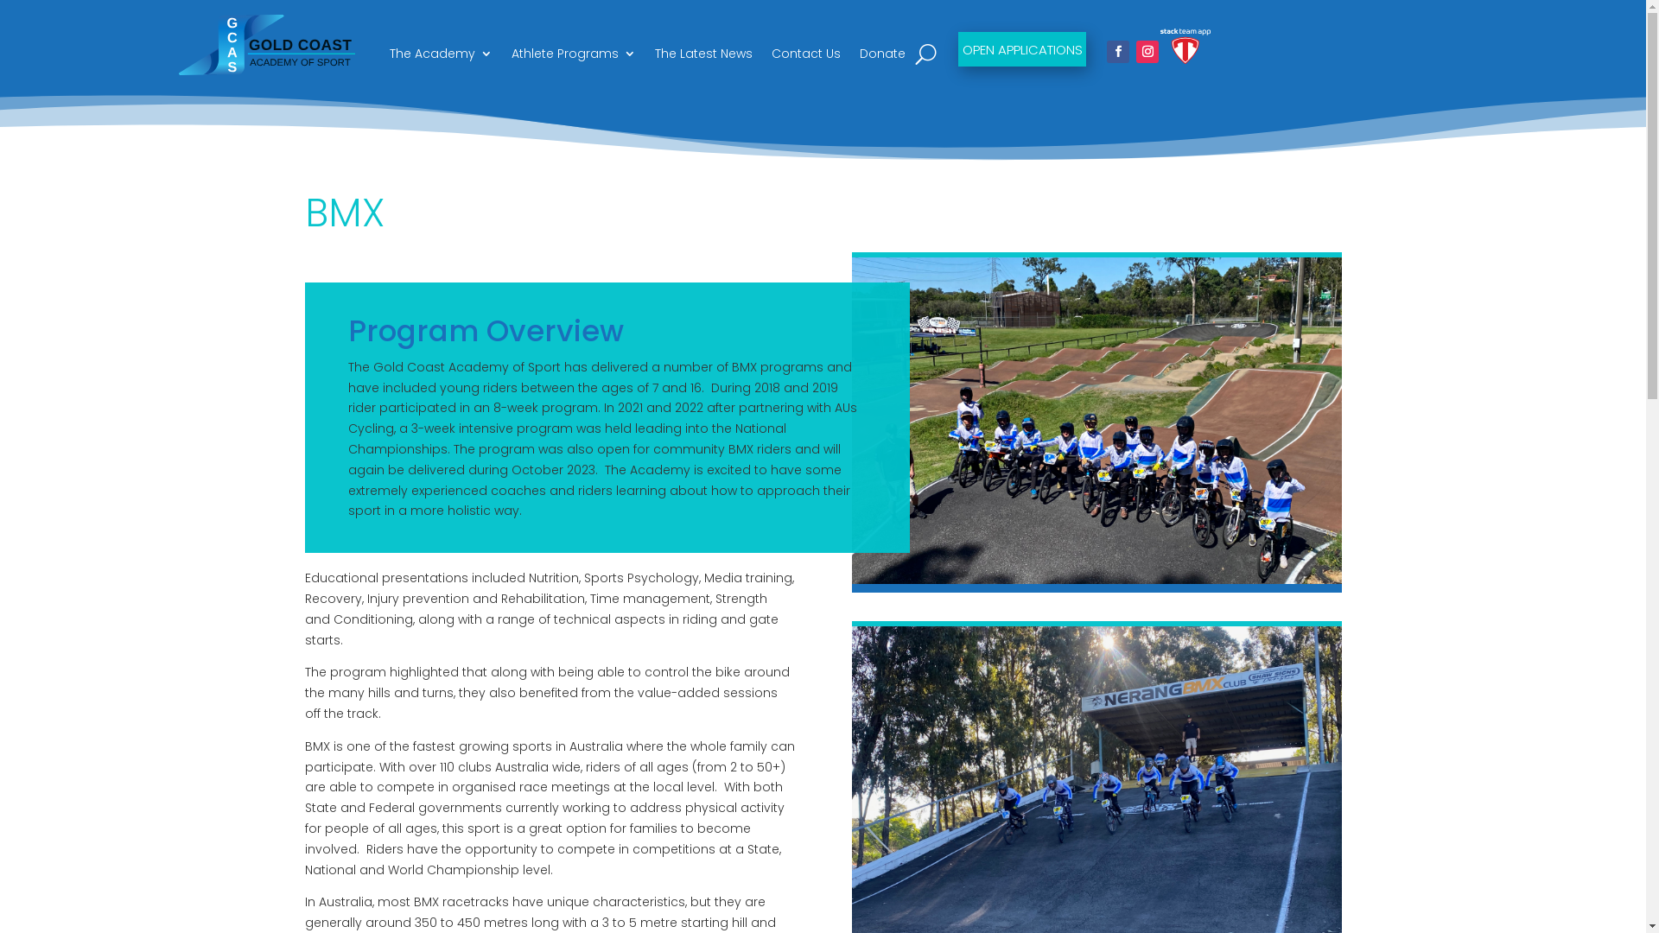 This screenshot has height=933, width=1659. Describe the element at coordinates (1096, 420) in the screenshot. I see `'18'` at that location.